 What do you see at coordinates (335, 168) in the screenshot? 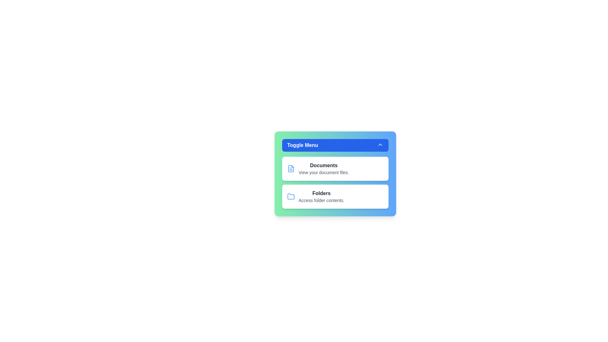
I see `the menu item Documents to observe its hover effect` at bounding box center [335, 168].